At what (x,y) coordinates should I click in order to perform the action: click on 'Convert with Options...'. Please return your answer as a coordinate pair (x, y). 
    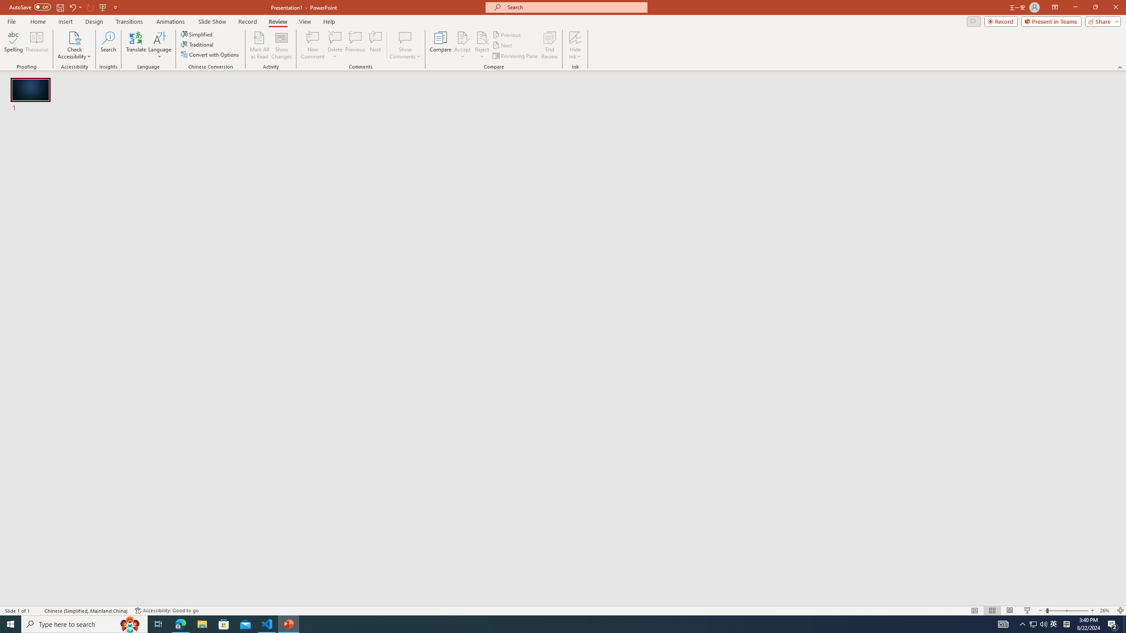
    Looking at the image, I should click on (210, 54).